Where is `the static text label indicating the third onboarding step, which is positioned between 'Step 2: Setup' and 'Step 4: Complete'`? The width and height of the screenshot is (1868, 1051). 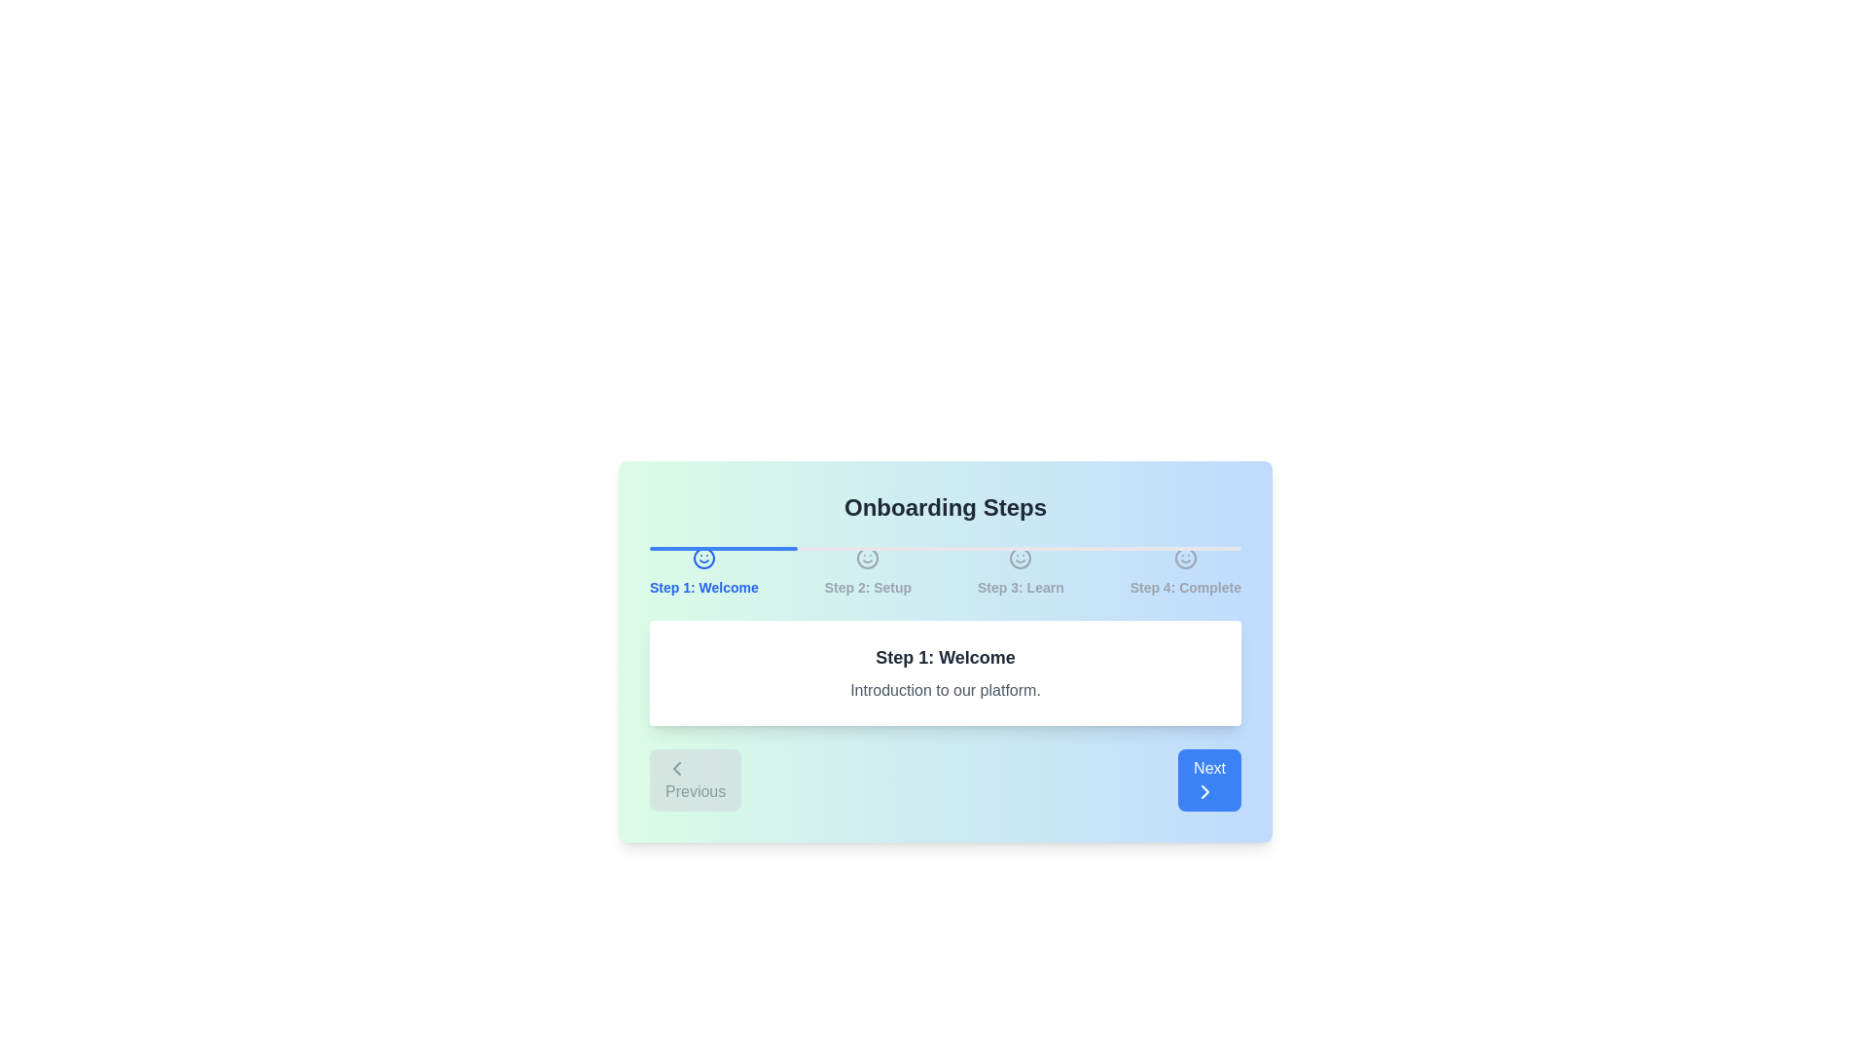 the static text label indicating the third onboarding step, which is positioned between 'Step 2: Setup' and 'Step 4: Complete' is located at coordinates (1020, 587).